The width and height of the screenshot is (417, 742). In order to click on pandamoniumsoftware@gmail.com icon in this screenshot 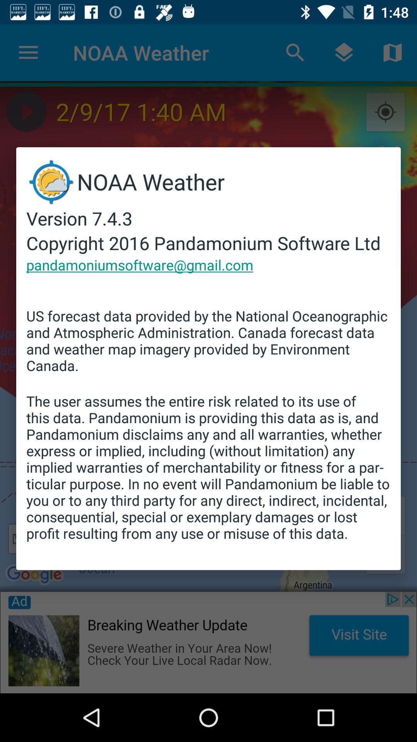, I will do `click(140, 265)`.